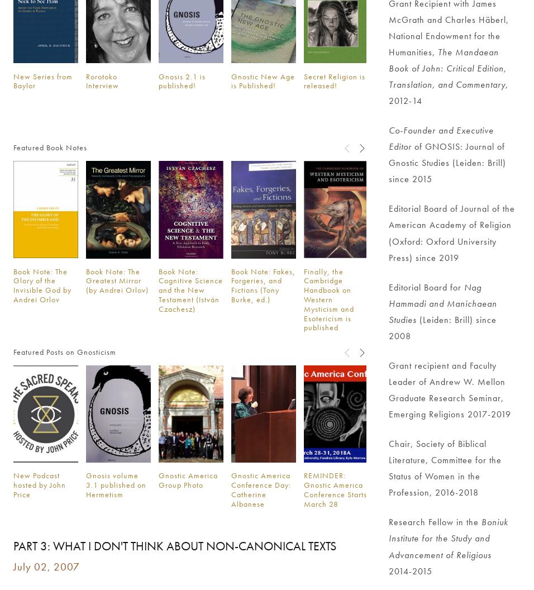 The image size is (534, 590). What do you see at coordinates (263, 284) in the screenshot?
I see `'Book Note: Fakes, Forgeries, and Fictions (Tony Burke, ed.)'` at bounding box center [263, 284].